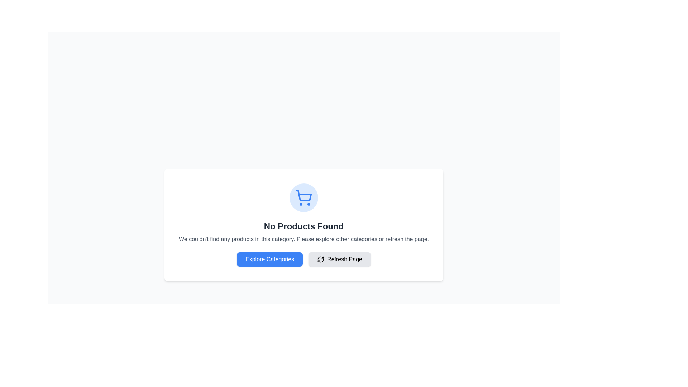 Image resolution: width=688 pixels, height=387 pixels. Describe the element at coordinates (320, 259) in the screenshot. I see `the refresh icon located within the 'Refresh Page' button, which is positioned to the right of the 'Explore Categories' button on the bottom section of the central card` at that location.